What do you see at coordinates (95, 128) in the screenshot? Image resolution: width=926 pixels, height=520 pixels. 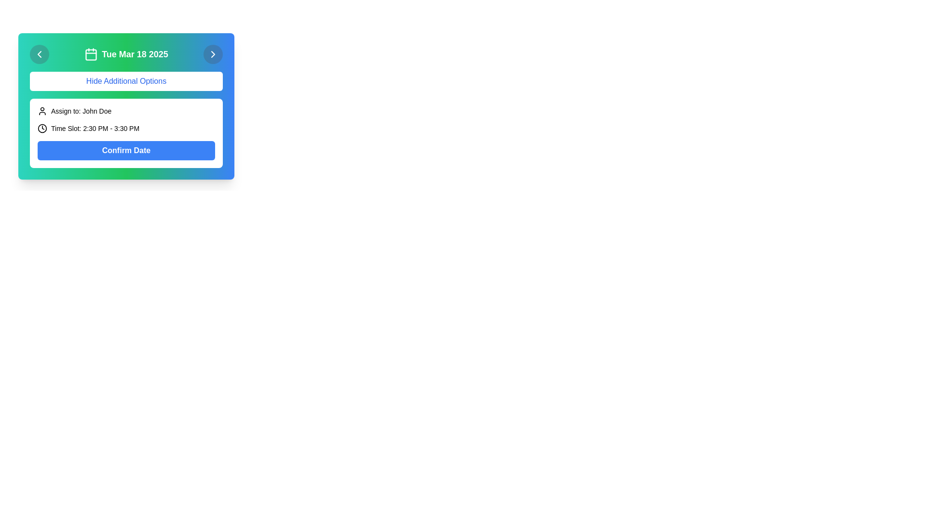 I see `the text label displaying 'Time Slot: 2:30 PM - 3:30 PM', which is located in the 'Assign to' section and aligned with a clock icon` at bounding box center [95, 128].